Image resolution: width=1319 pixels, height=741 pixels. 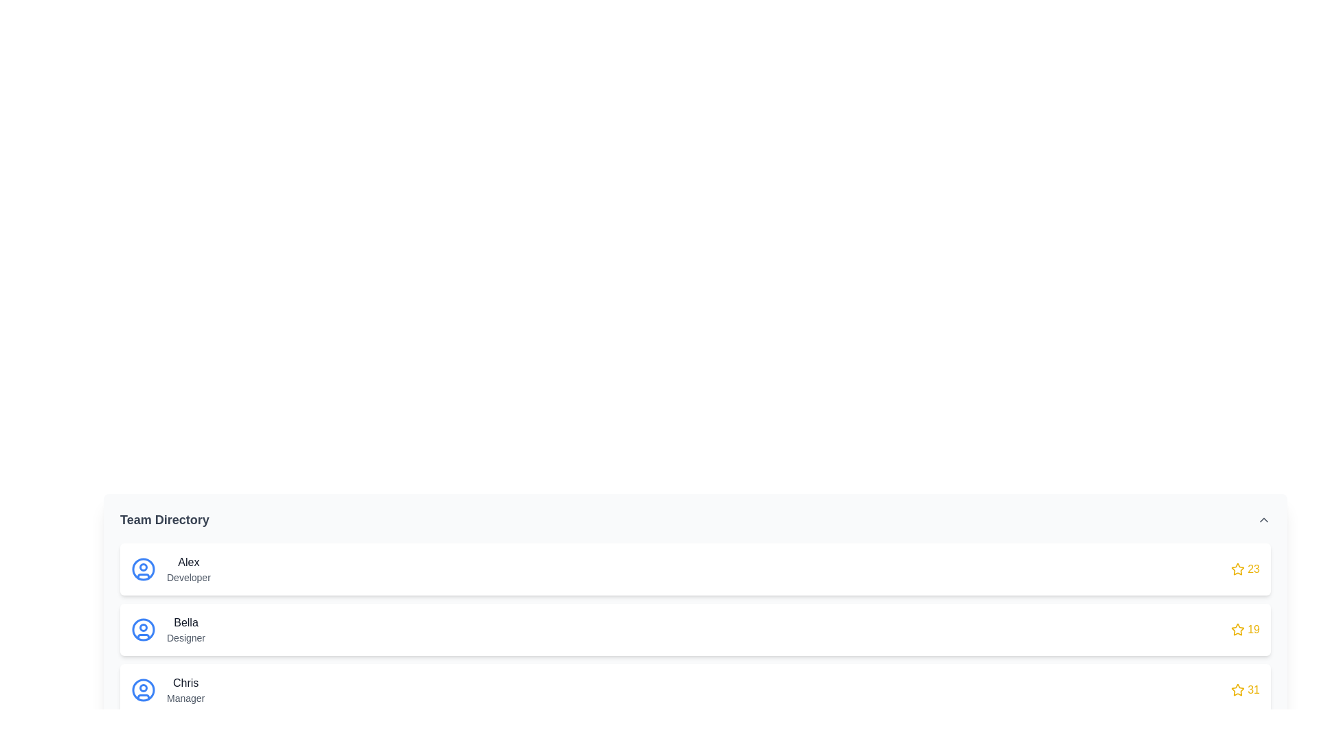 What do you see at coordinates (167, 690) in the screenshot?
I see `the Profile Card displaying Chris, the Manager, which is the third item in the Team Directory beneath Alex and Bella` at bounding box center [167, 690].